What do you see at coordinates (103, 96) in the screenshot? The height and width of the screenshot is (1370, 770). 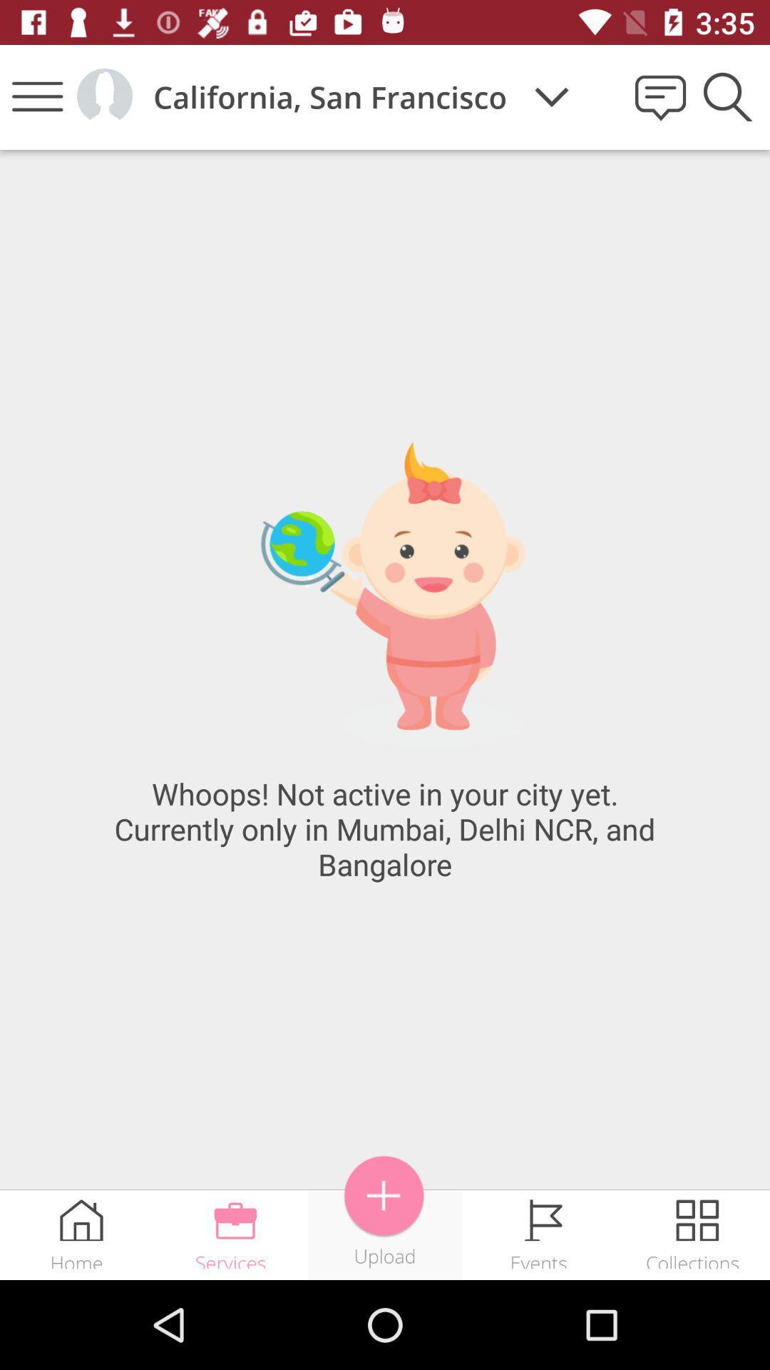 I see `current user` at bounding box center [103, 96].